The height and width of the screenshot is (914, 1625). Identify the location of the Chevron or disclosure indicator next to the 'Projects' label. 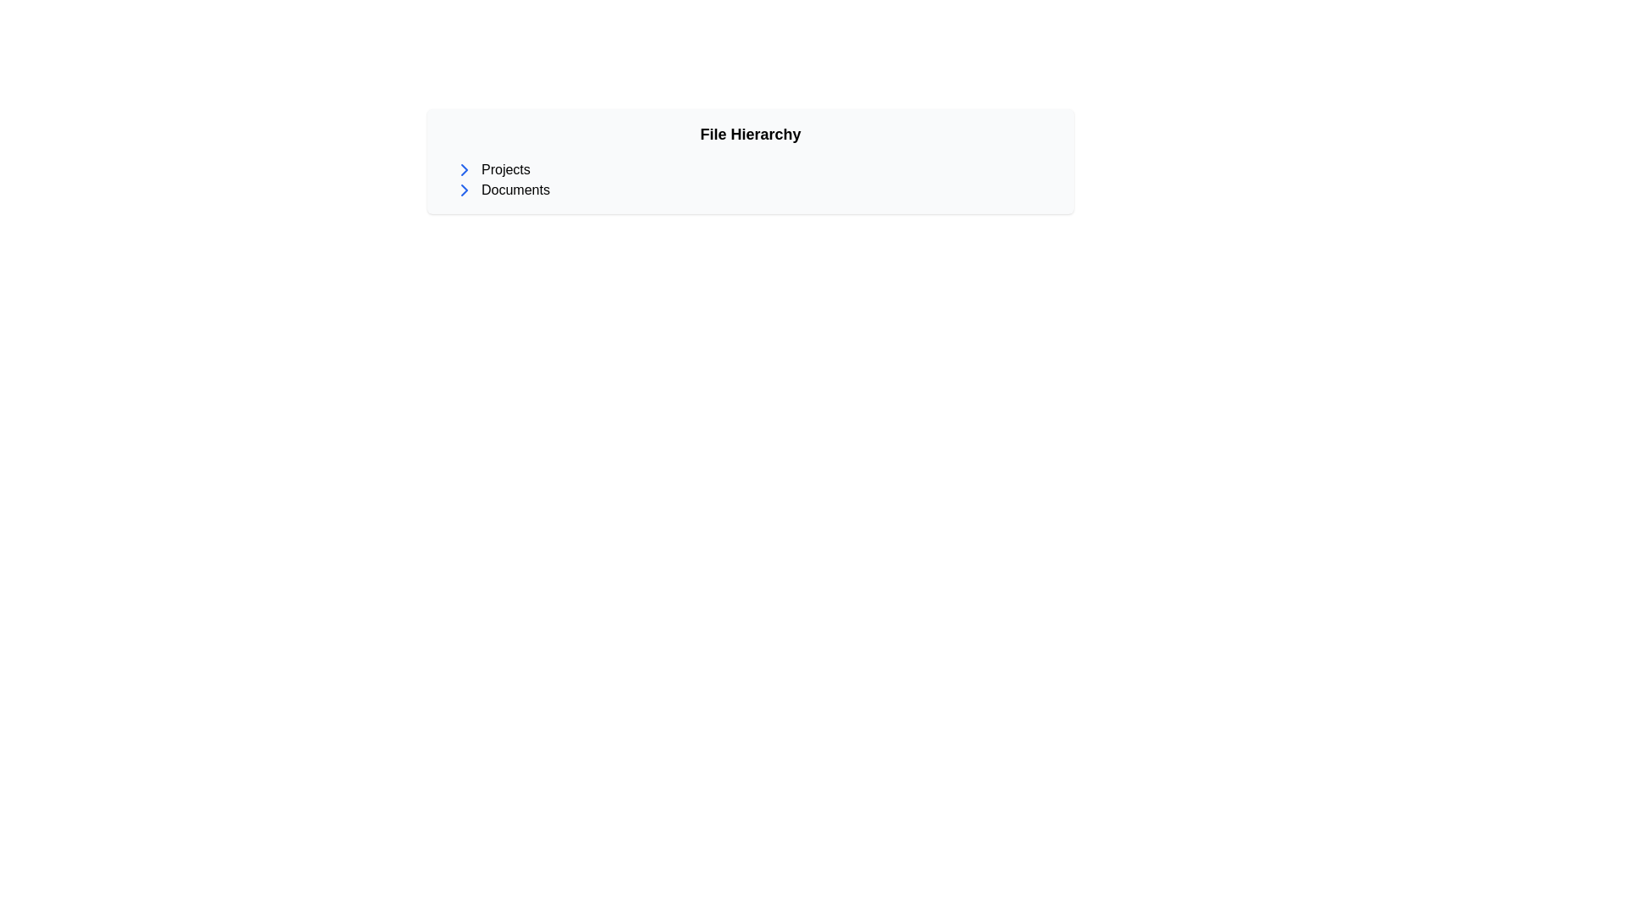
(464, 190).